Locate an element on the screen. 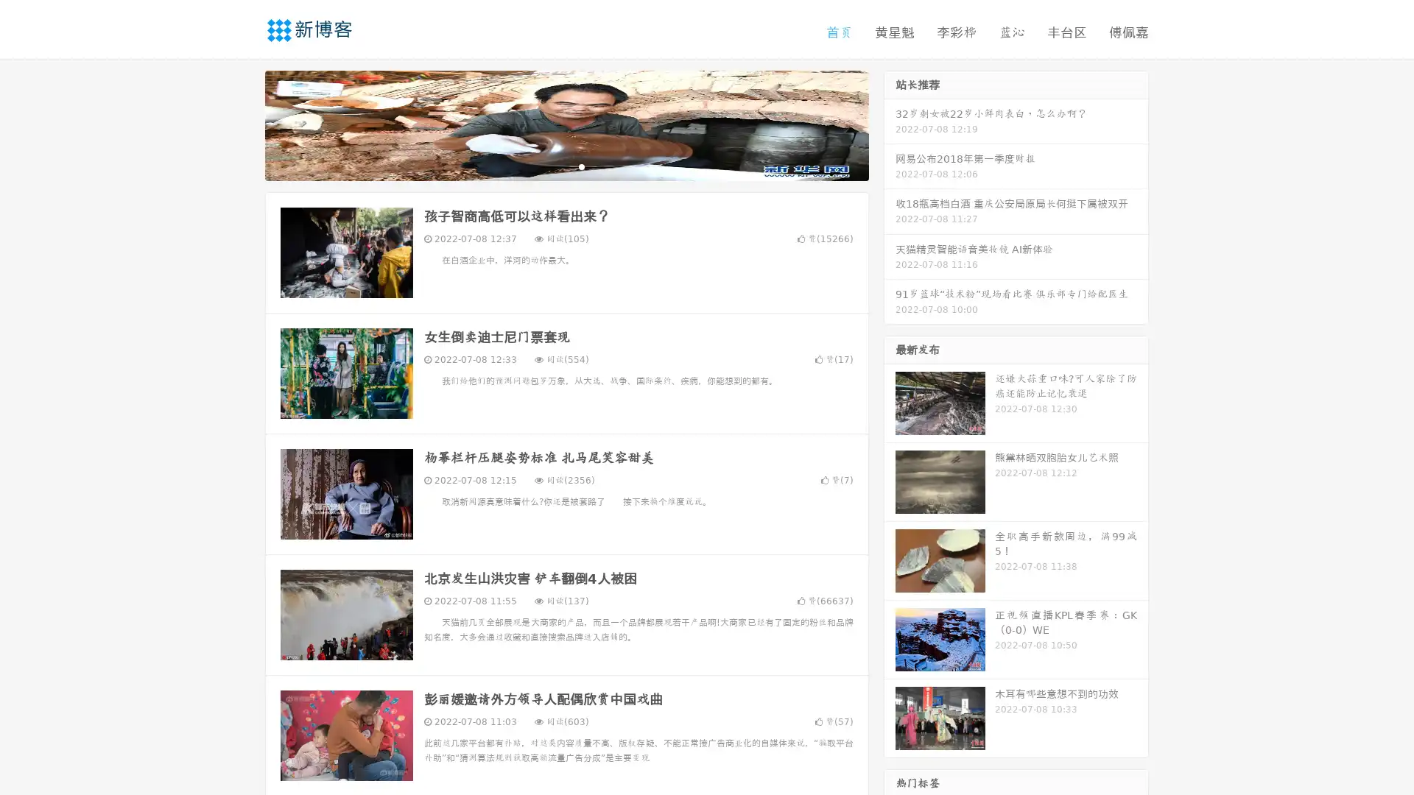  Next slide is located at coordinates (890, 124).